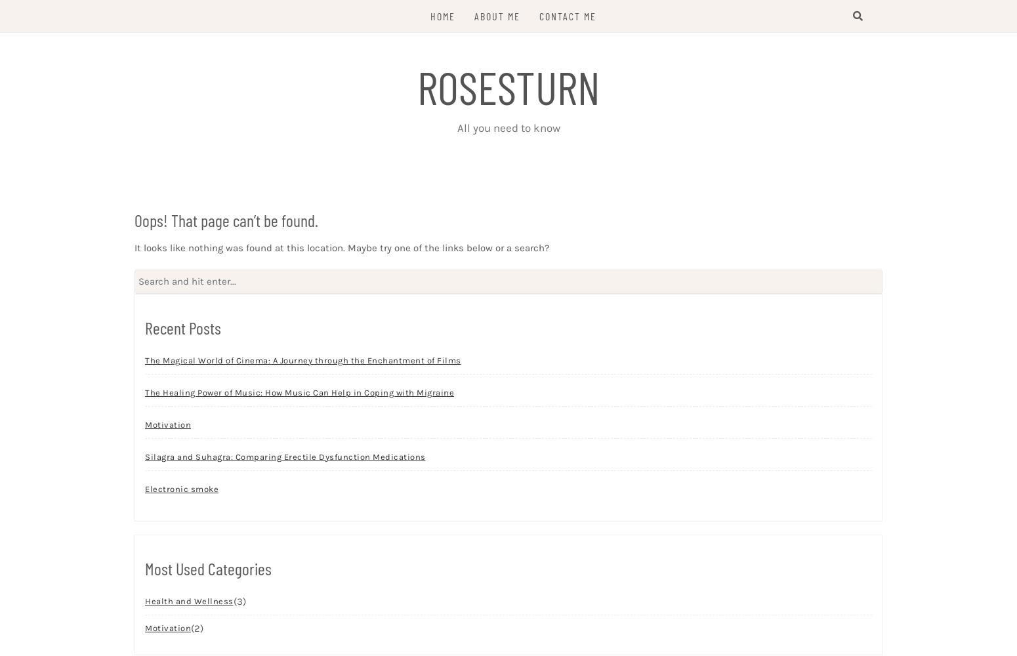 The height and width of the screenshot is (656, 1017). Describe the element at coordinates (508, 127) in the screenshot. I see `'All you need to know'` at that location.